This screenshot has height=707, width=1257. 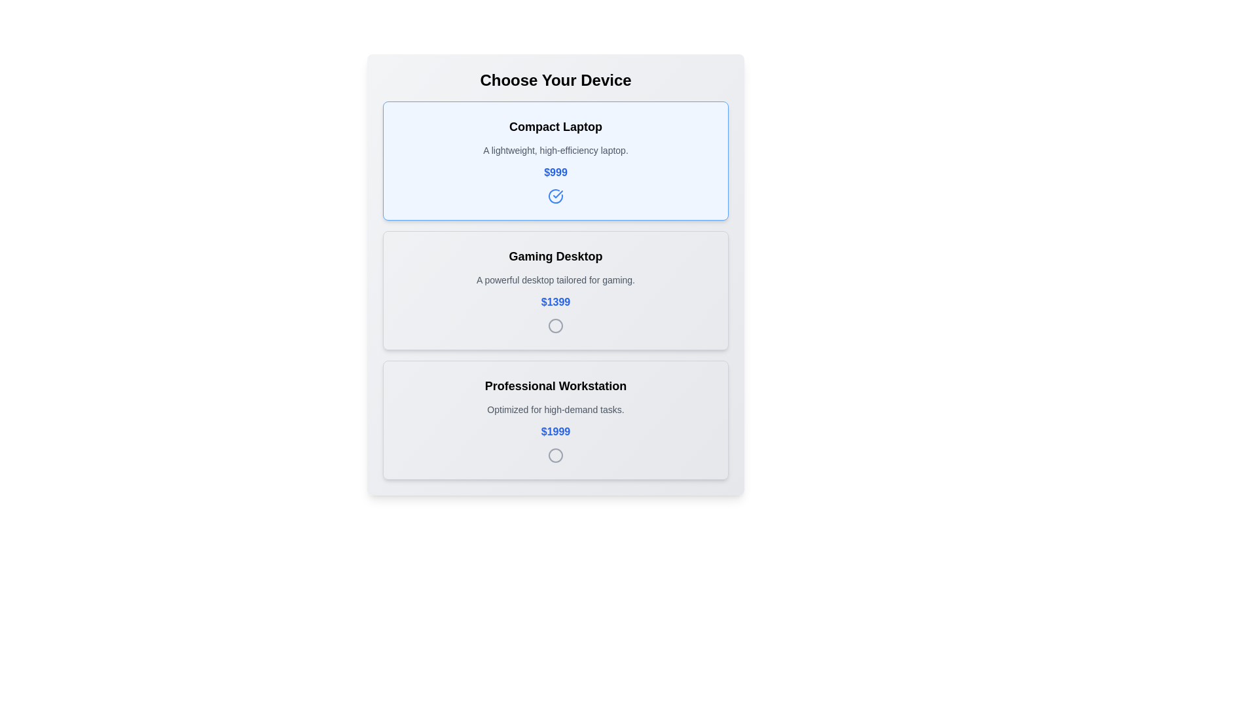 What do you see at coordinates (556, 257) in the screenshot?
I see `text from the 'Gaming Desktop' label, which is prominently displayed in bold within the 'Choose Your Device' section` at bounding box center [556, 257].